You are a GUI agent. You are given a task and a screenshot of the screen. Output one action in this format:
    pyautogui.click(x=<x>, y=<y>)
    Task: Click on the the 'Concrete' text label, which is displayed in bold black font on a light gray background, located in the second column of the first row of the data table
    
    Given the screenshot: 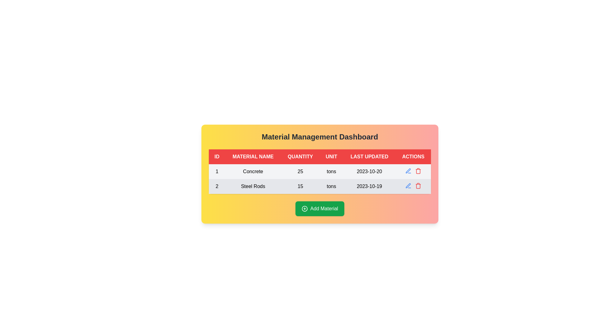 What is the action you would take?
    pyautogui.click(x=253, y=172)
    